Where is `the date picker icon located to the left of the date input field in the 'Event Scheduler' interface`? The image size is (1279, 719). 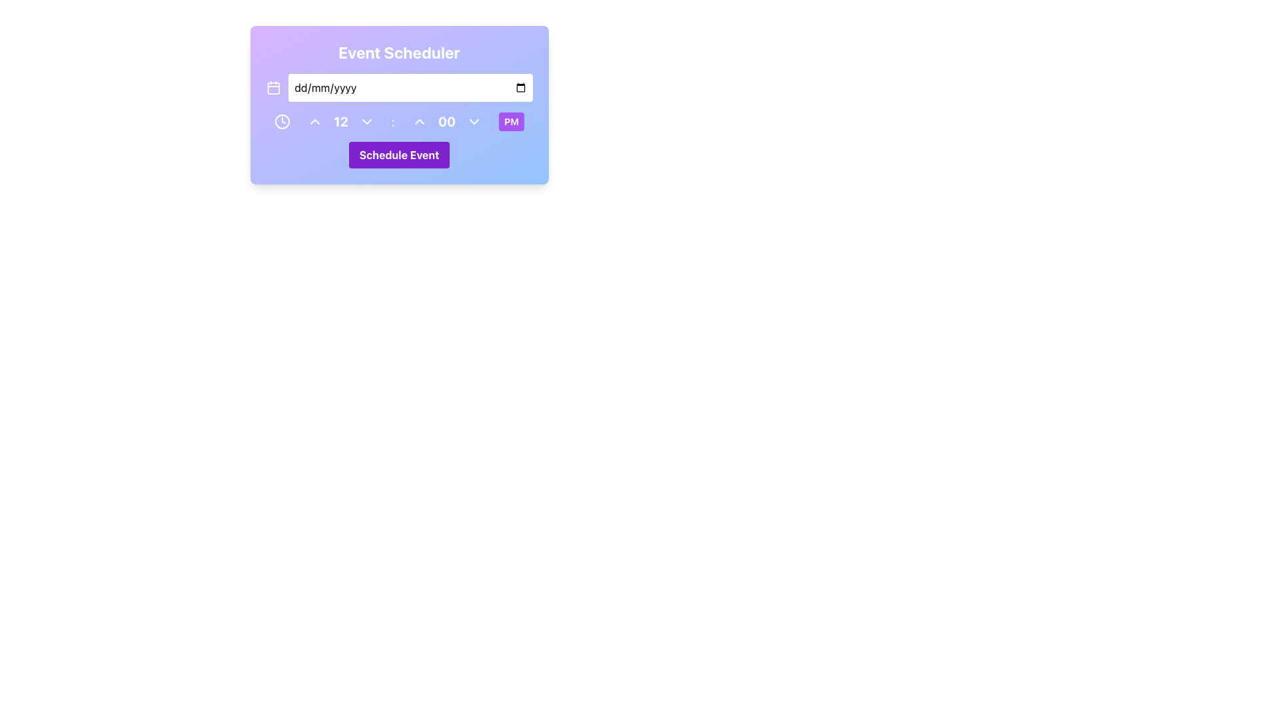
the date picker icon located to the left of the date input field in the 'Event Scheduler' interface is located at coordinates (272, 87).